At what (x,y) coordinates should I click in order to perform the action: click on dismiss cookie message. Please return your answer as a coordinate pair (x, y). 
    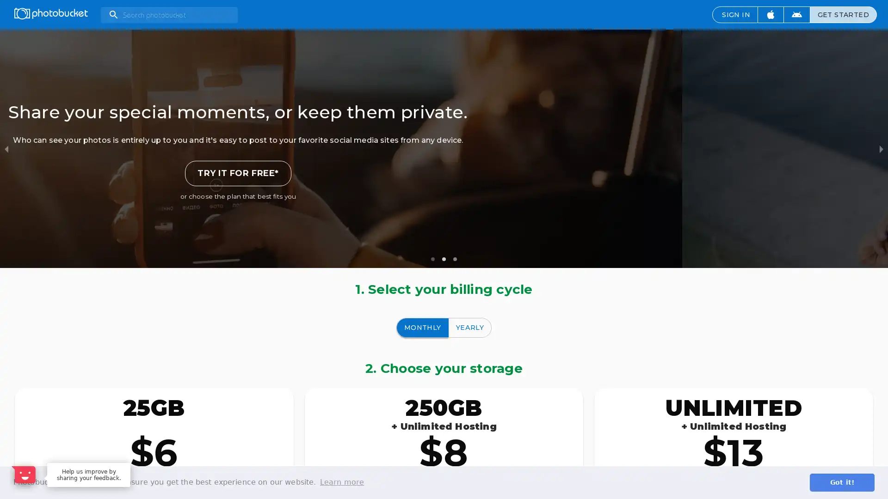
    Looking at the image, I should click on (842, 482).